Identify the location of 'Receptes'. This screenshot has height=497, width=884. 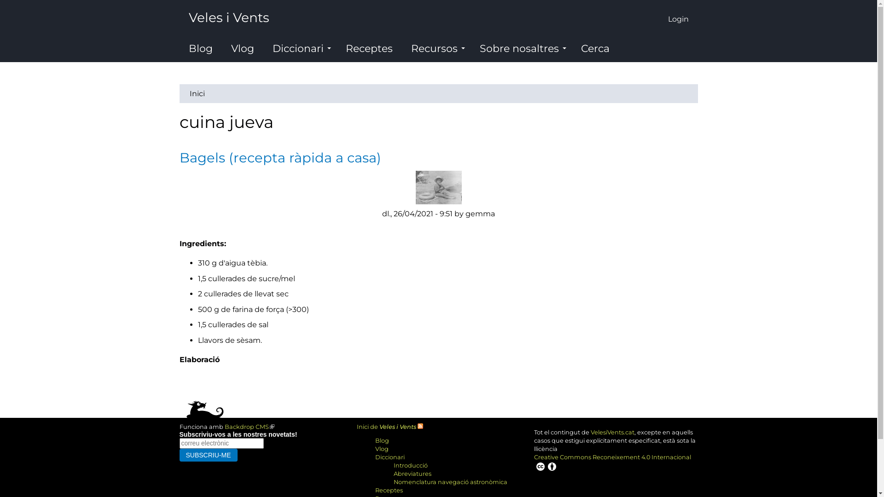
(369, 48).